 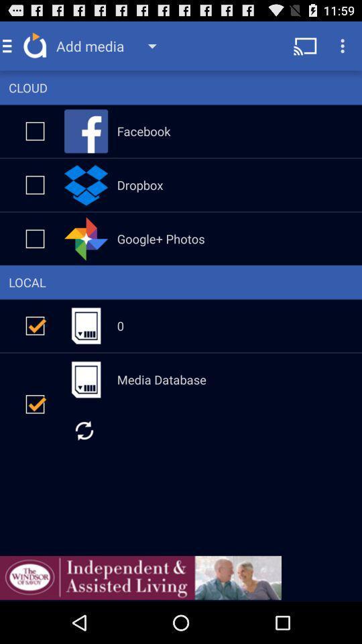 I want to click on tick option, so click(x=35, y=238).